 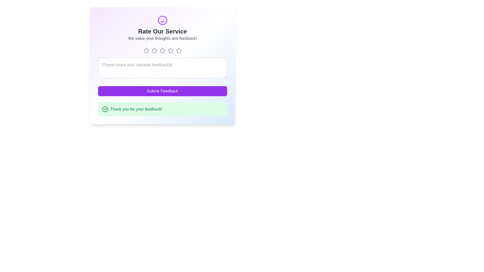 What do you see at coordinates (162, 50) in the screenshot?
I see `the third star icon in the row of five` at bounding box center [162, 50].